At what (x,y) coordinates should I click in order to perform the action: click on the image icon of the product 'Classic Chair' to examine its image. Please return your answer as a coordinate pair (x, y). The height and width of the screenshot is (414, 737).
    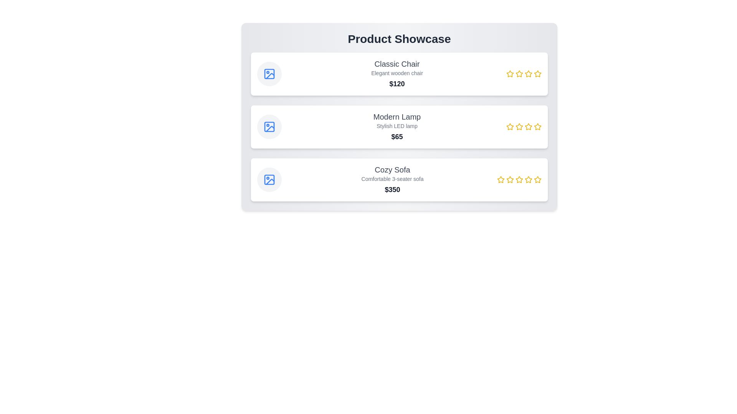
    Looking at the image, I should click on (269, 74).